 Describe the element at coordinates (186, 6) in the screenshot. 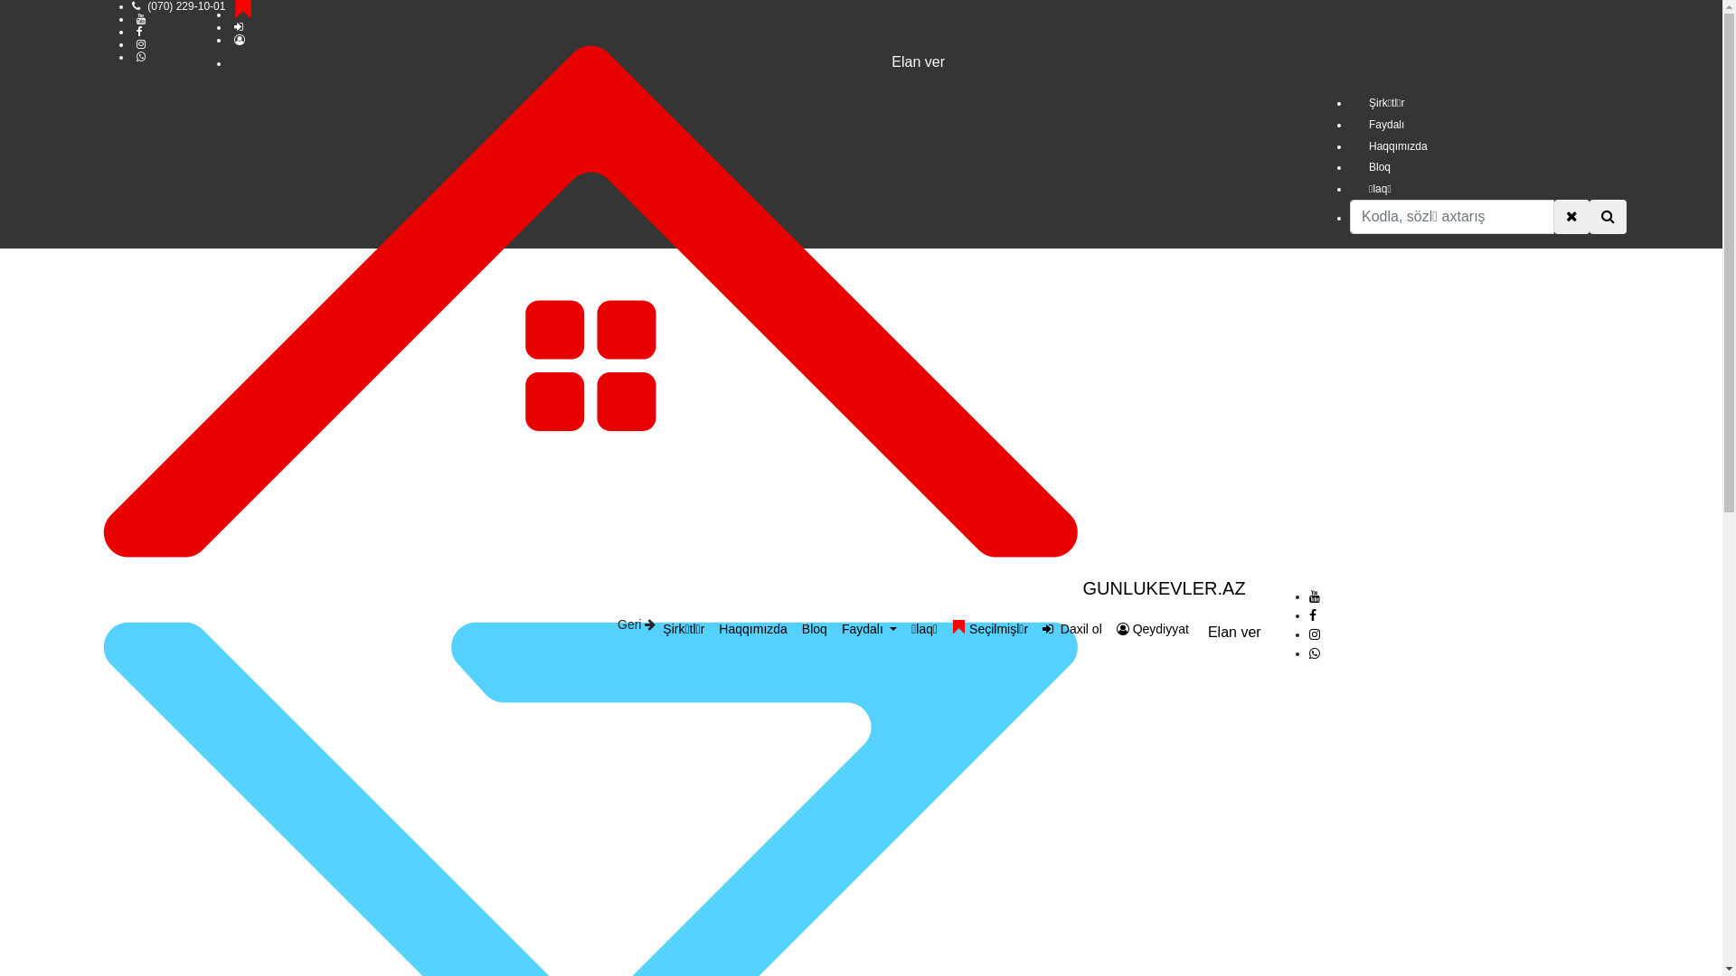

I see `'(070) 229-10-01'` at that location.